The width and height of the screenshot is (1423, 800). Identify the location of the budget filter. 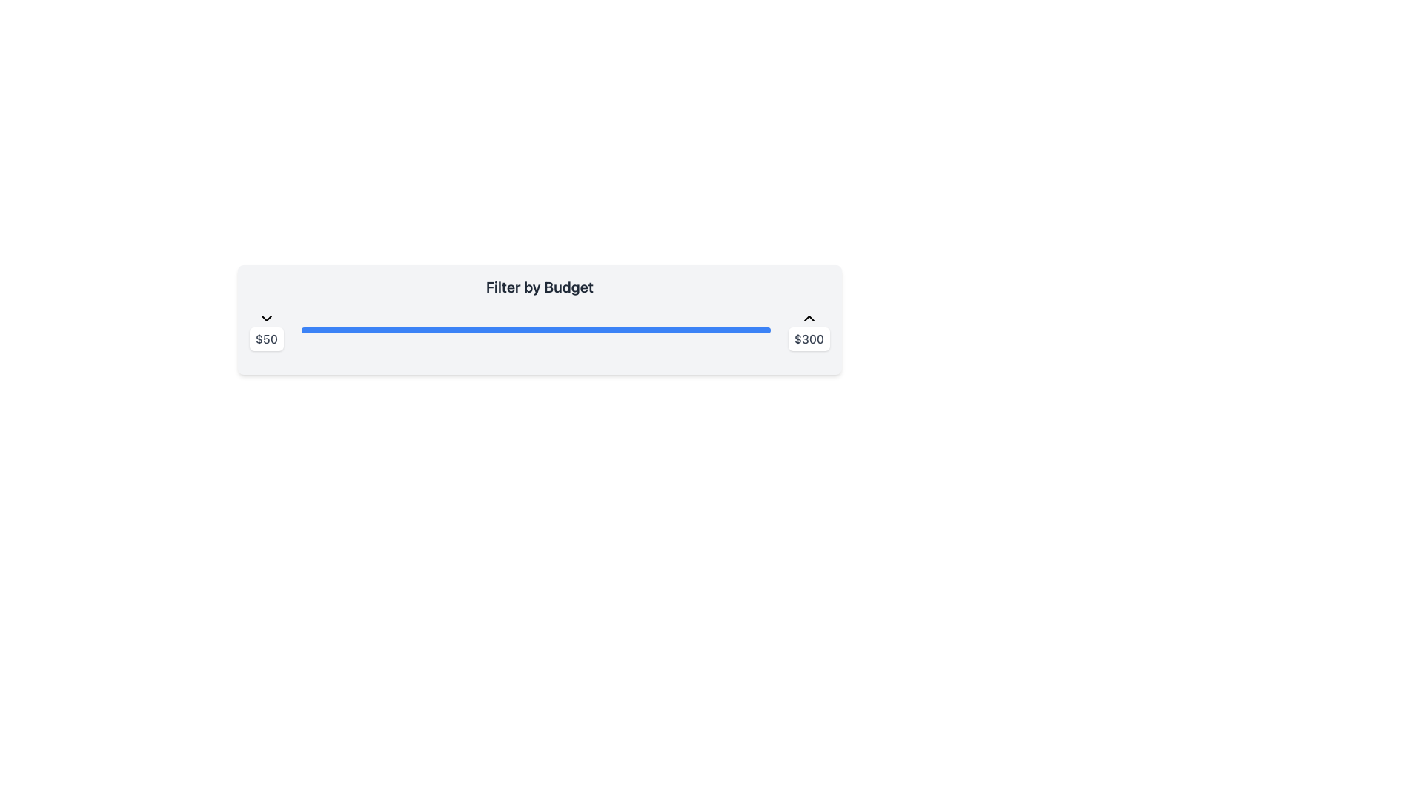
(342, 330).